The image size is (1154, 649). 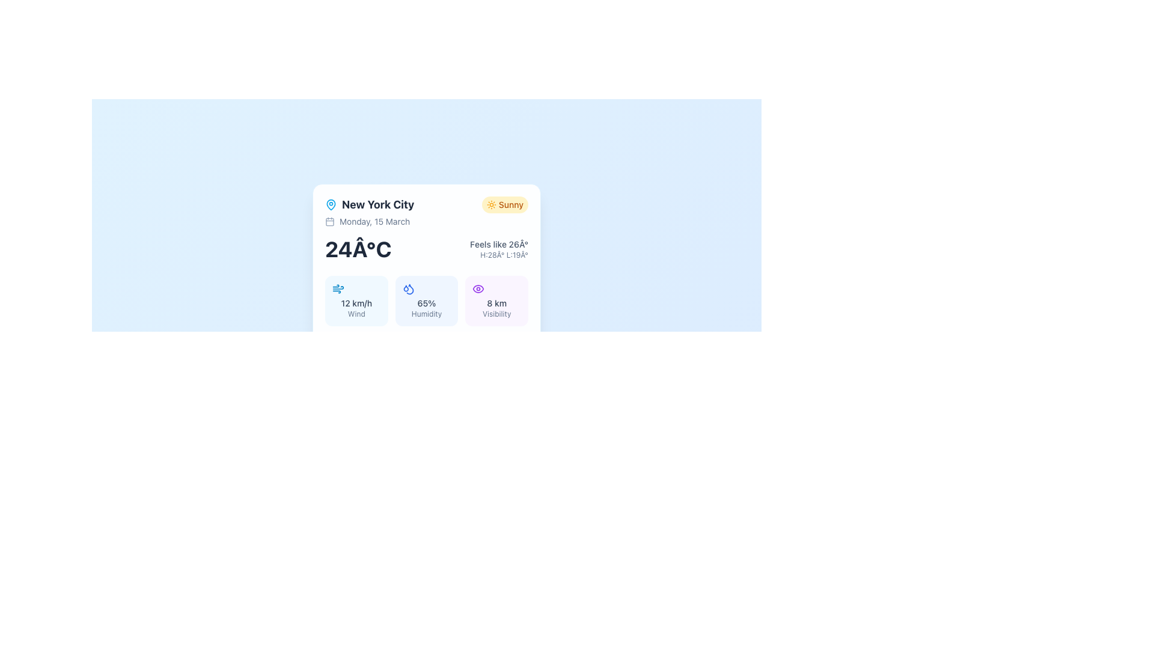 What do you see at coordinates (496, 300) in the screenshot?
I see `the Informational card that displays the current visibility value in kilometers, located as the third item in the last column of a 3-column grid` at bounding box center [496, 300].